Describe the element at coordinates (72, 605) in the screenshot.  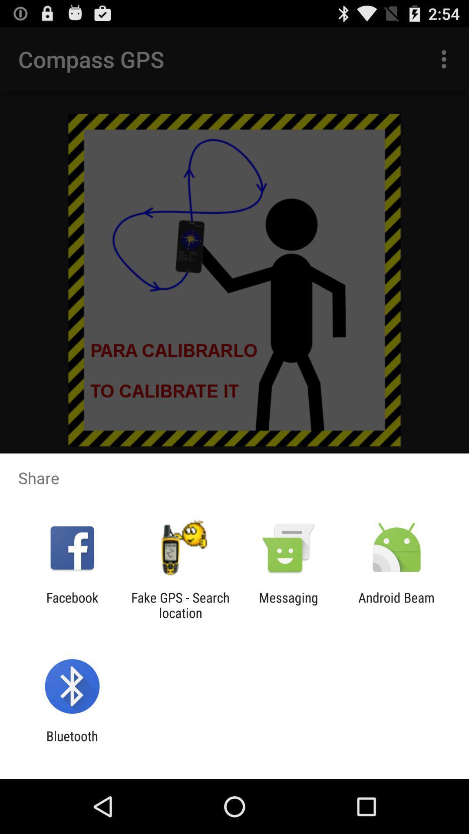
I see `the app to the left of fake gps search` at that location.